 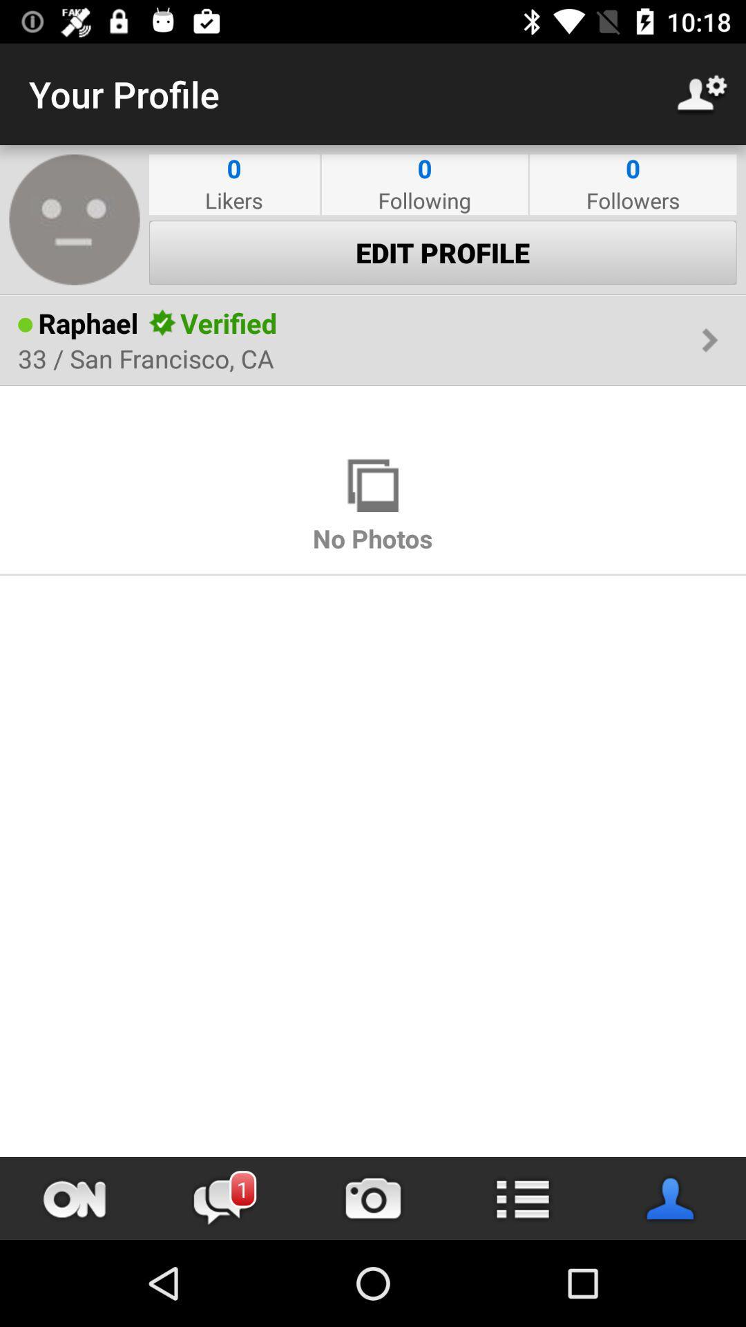 What do you see at coordinates (25, 324) in the screenshot?
I see `the item to the left of the raphael icon` at bounding box center [25, 324].